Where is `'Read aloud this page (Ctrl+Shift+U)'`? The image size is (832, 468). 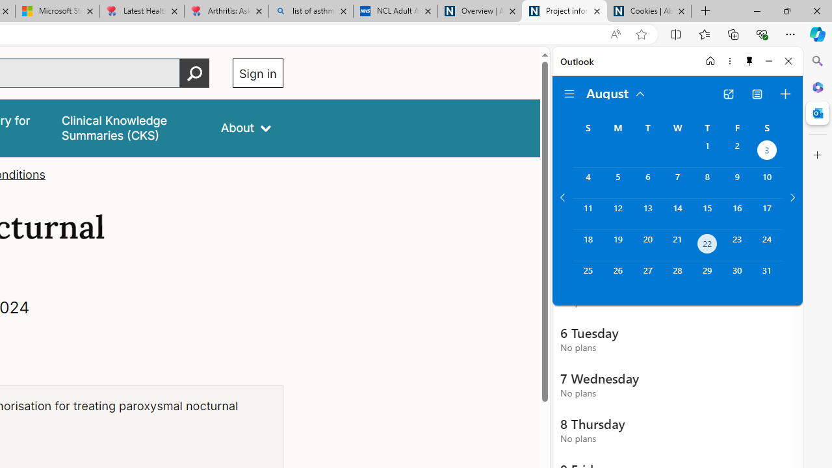
'Read aloud this page (Ctrl+Shift+U)' is located at coordinates (614, 34).